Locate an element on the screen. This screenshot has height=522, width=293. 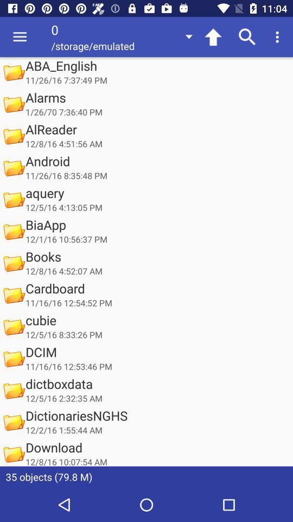
the icon left to the icon search is located at coordinates (213, 37).